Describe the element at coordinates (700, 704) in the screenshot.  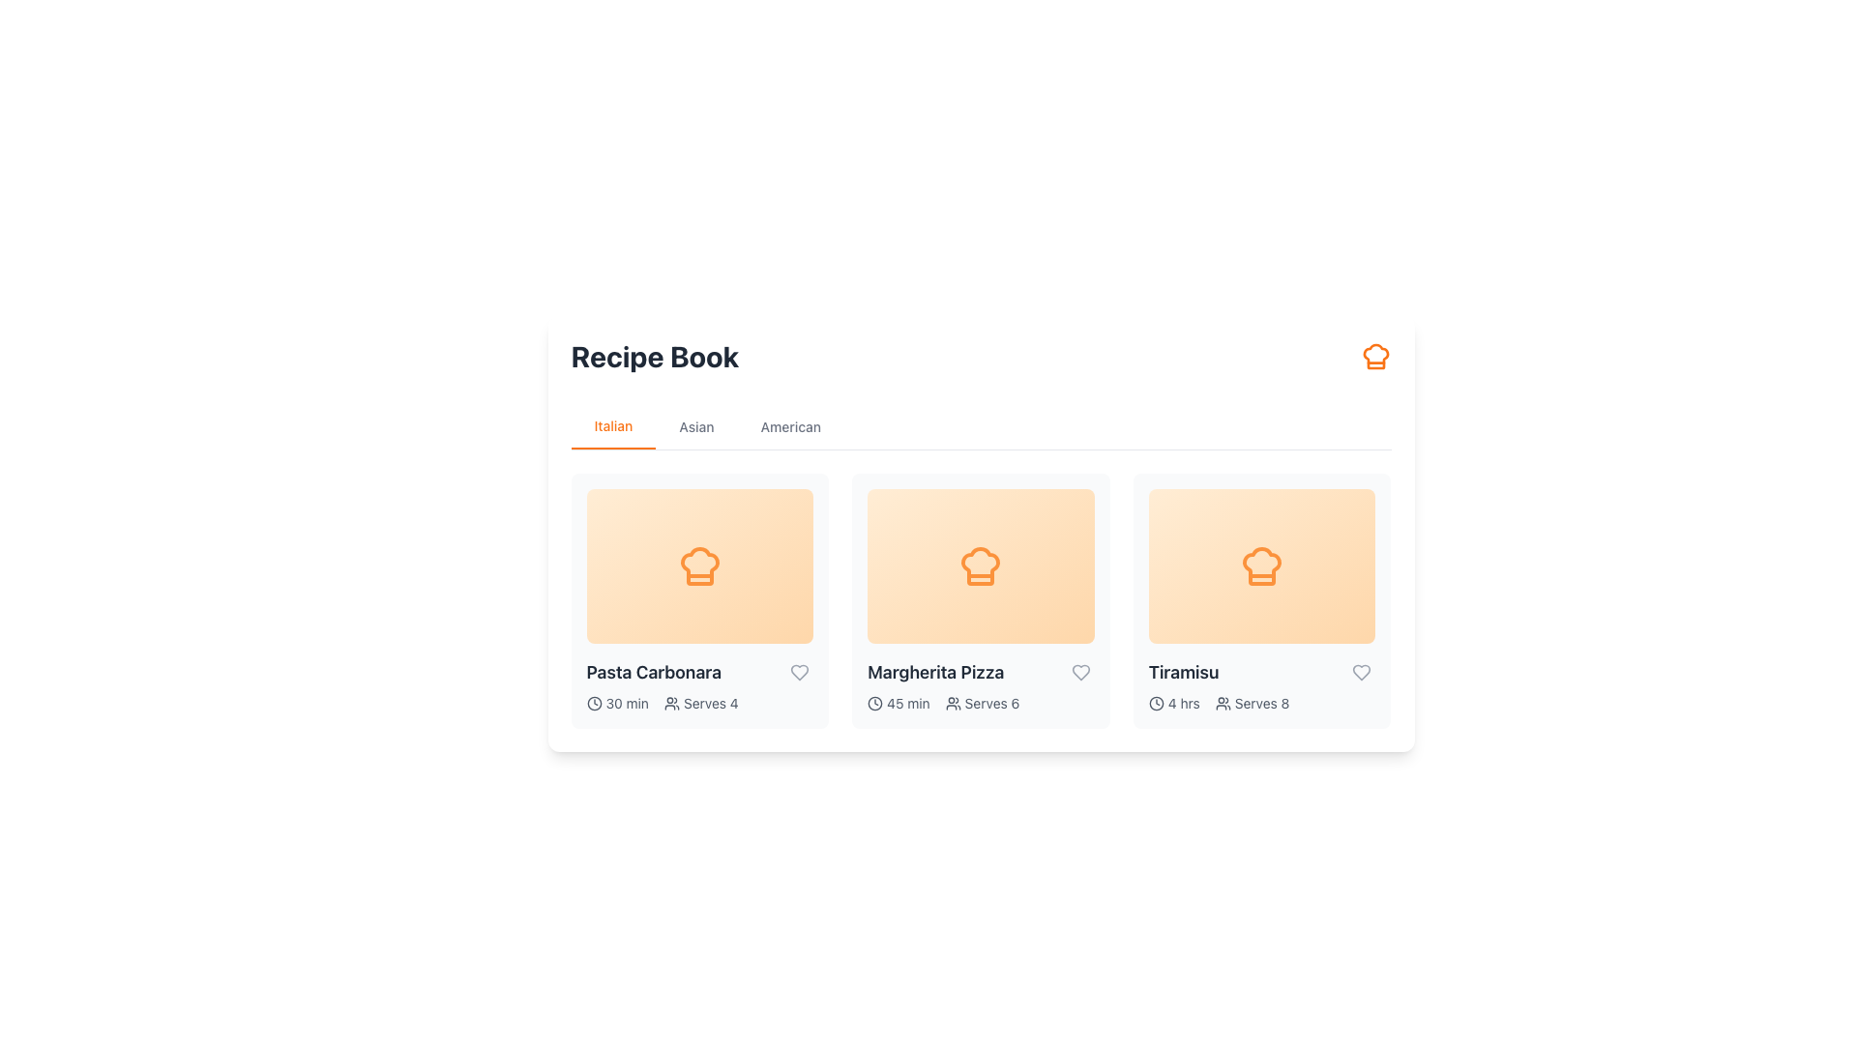
I see `informational label displaying the serving size for the recipe 'Pasta Carbonara', which is centrally located beneath the title and indicates the number of people the dish can serve` at that location.